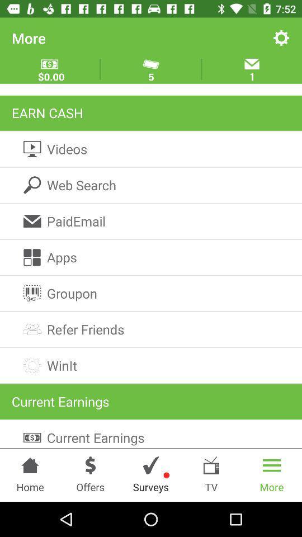 This screenshot has height=537, width=302. I want to click on item above winit icon, so click(151, 329).